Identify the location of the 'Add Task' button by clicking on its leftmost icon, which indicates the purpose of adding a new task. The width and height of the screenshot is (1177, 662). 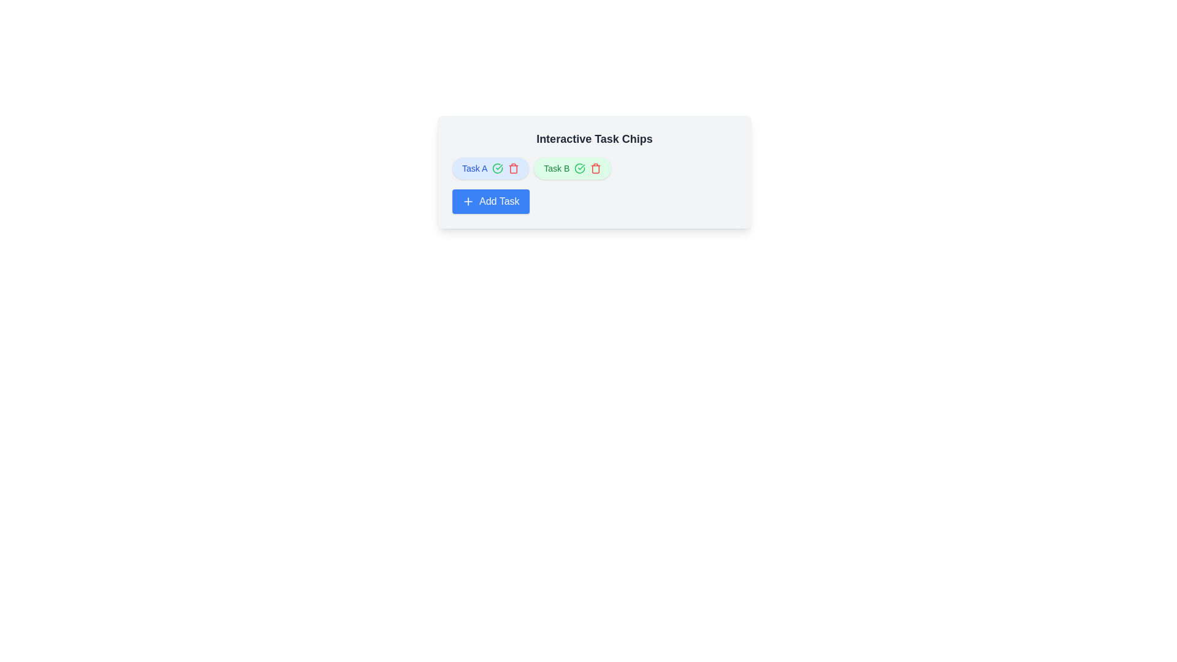
(467, 200).